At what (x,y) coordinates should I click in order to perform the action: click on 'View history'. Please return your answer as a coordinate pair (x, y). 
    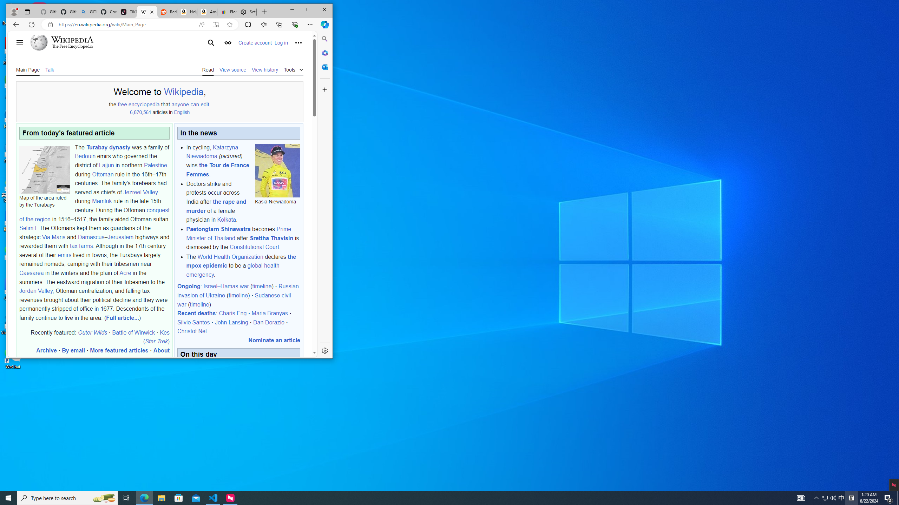
    Looking at the image, I should click on (265, 69).